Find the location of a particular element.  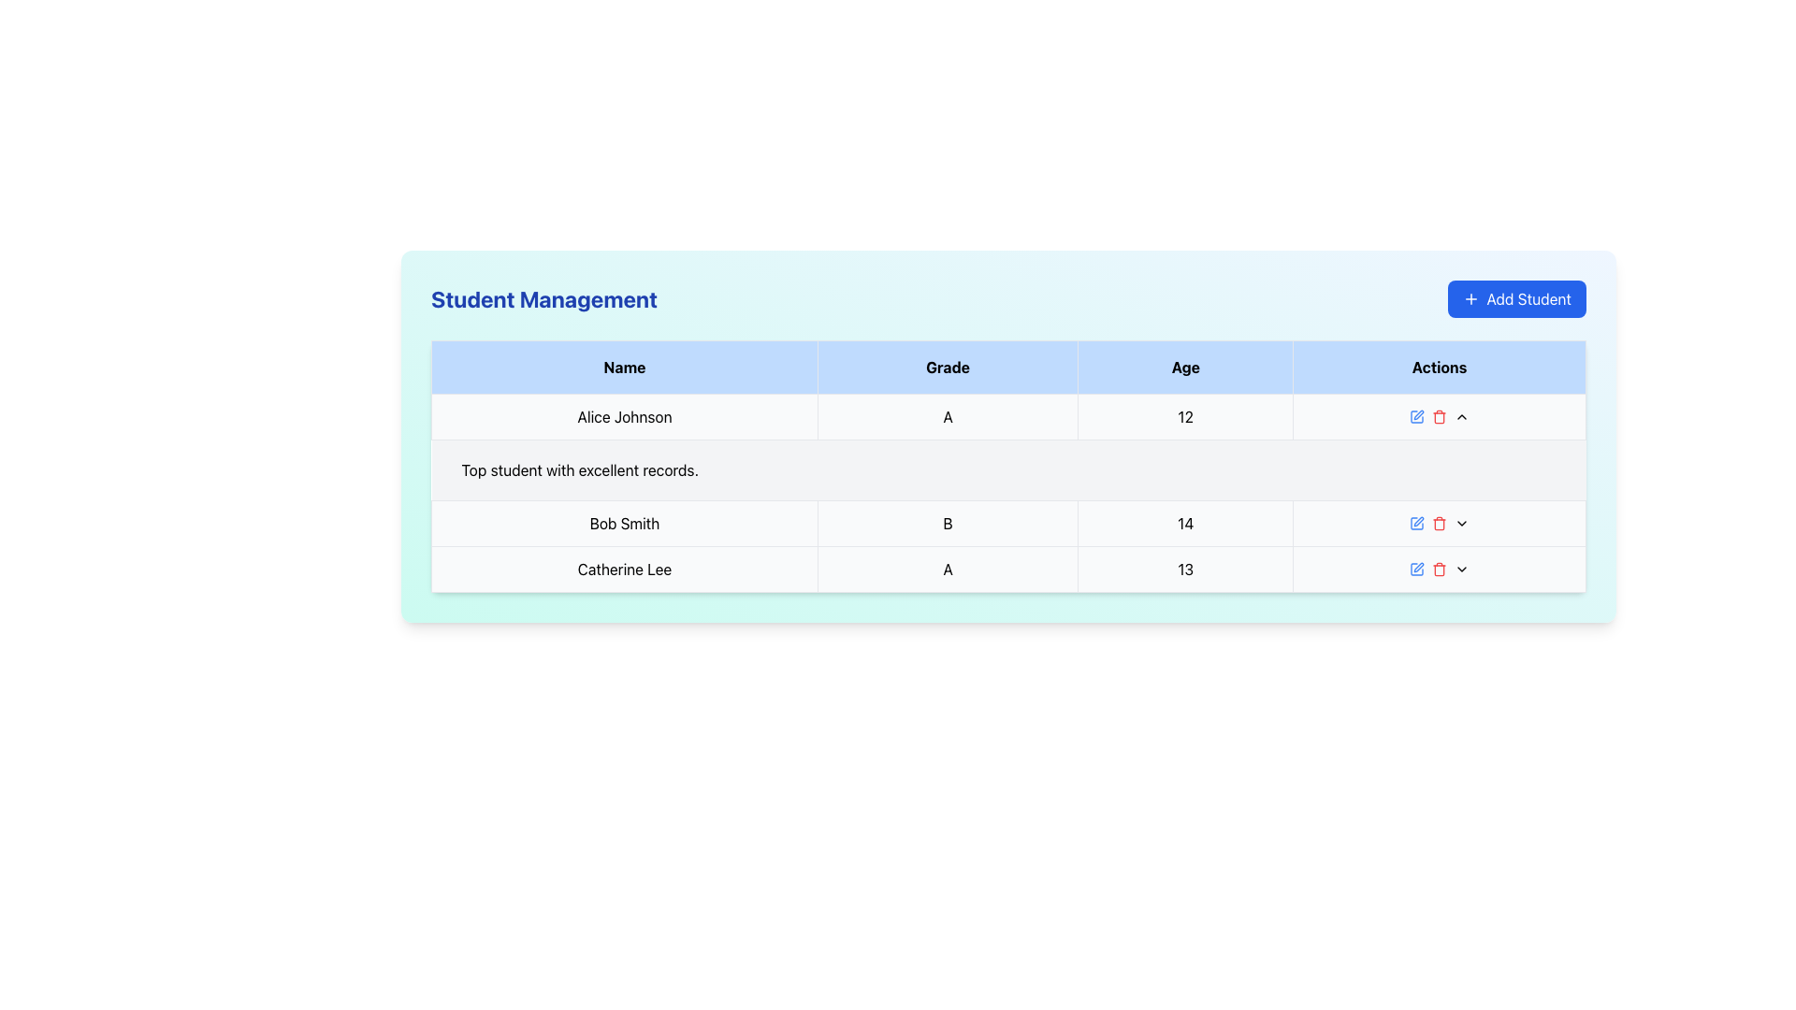

the text cell displaying the number '14' in the 'Age' column of the table corresponding to 'Bob Smith' is located at coordinates (1184, 523).